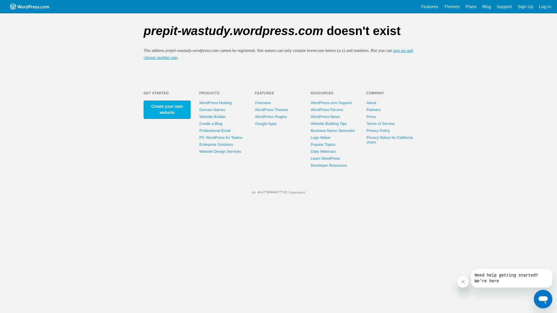 The width and height of the screenshot is (557, 313). I want to click on 'Message from company', so click(511, 278).